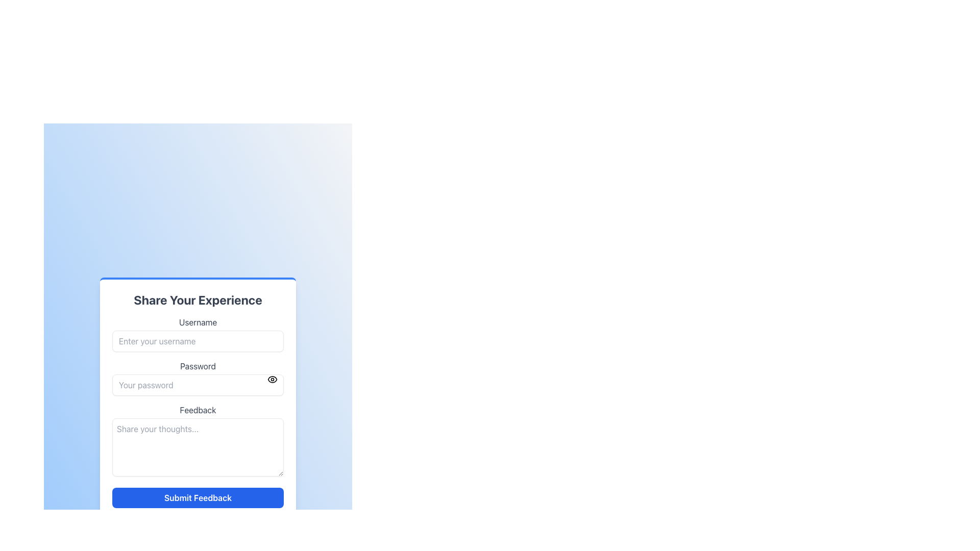  I want to click on the rectangular 'Submit Feedback' button with rounded corners and a blue background, so click(198, 497).